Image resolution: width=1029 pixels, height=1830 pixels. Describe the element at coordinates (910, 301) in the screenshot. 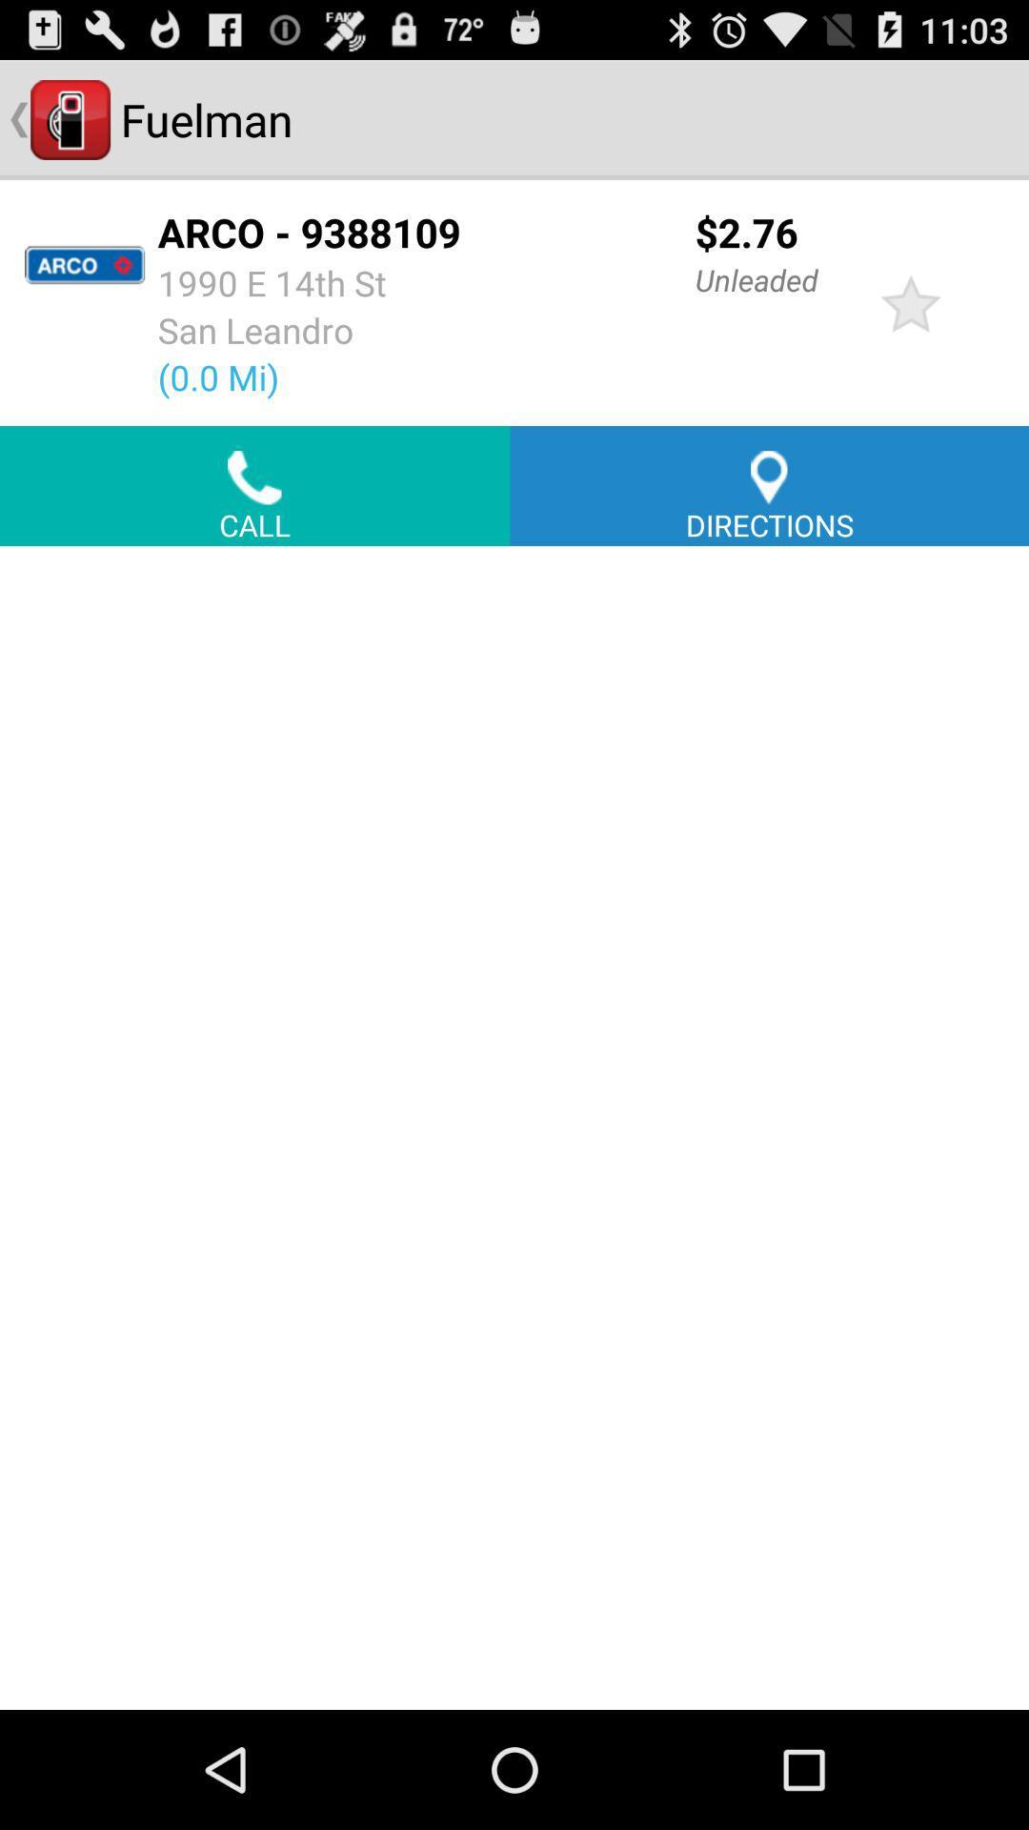

I see `item to the right of the unleaded` at that location.